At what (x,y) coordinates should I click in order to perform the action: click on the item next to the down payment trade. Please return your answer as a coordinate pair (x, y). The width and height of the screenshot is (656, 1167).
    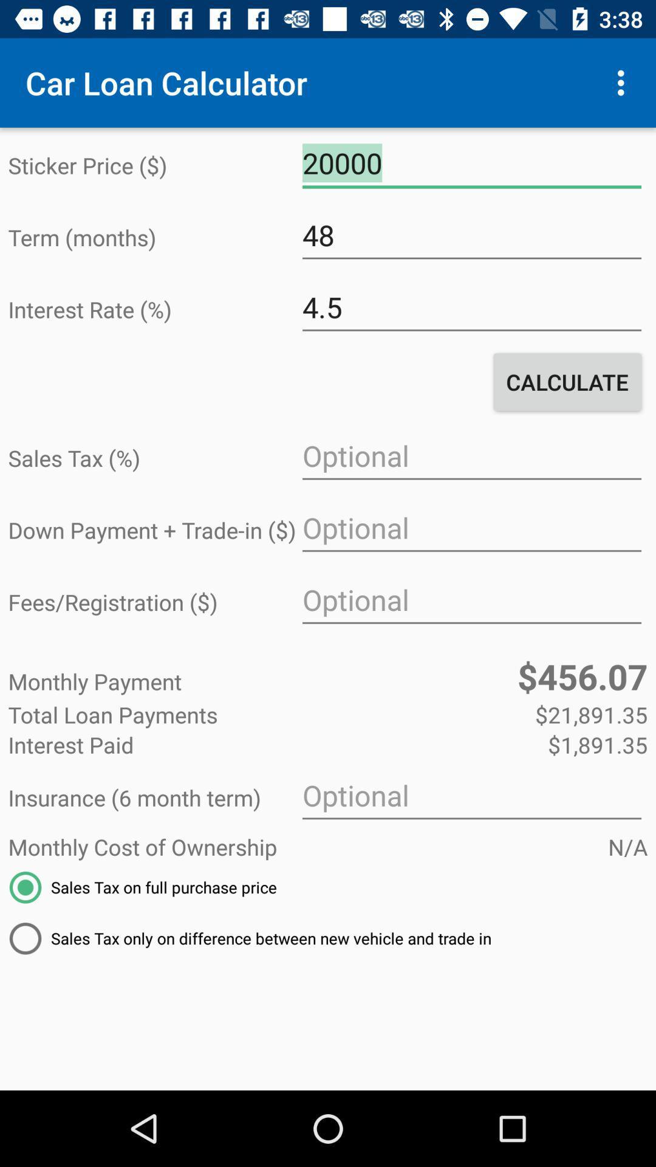
    Looking at the image, I should click on (471, 528).